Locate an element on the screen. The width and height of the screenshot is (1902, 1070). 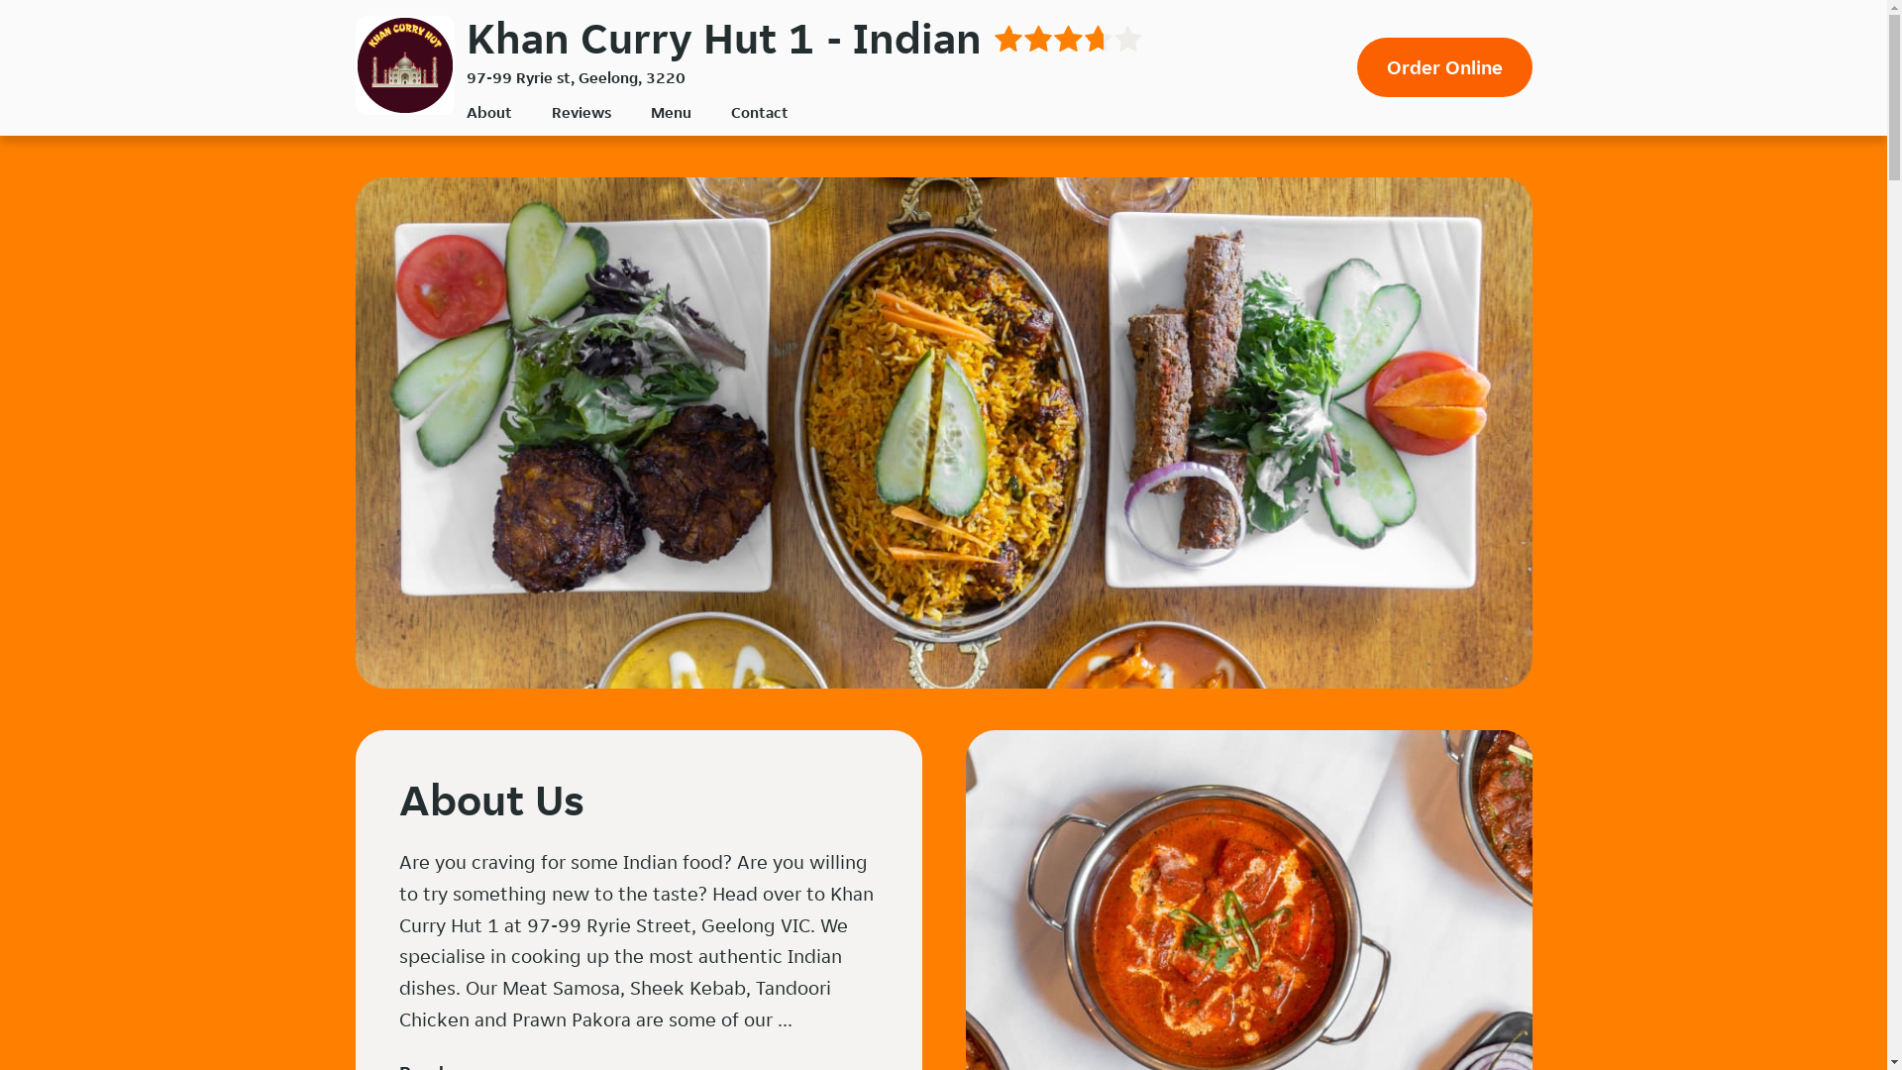
'Contact' is located at coordinates (759, 112).